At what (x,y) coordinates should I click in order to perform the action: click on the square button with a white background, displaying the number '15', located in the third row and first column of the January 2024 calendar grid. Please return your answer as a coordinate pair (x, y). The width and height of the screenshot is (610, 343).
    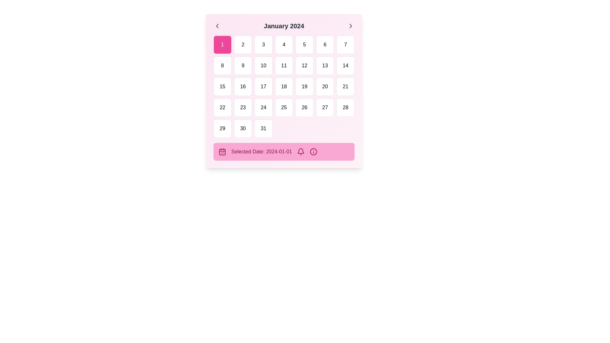
    Looking at the image, I should click on (222, 87).